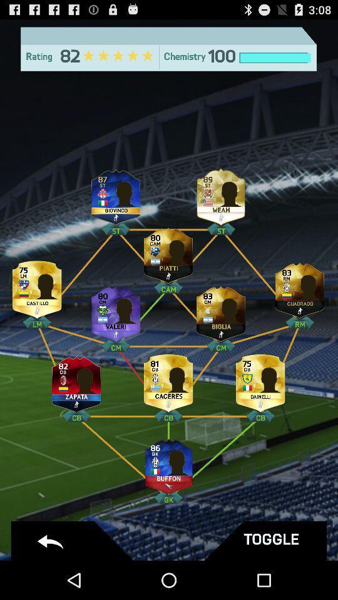 The image size is (338, 600). Describe the element at coordinates (74, 540) in the screenshot. I see `return to previous` at that location.